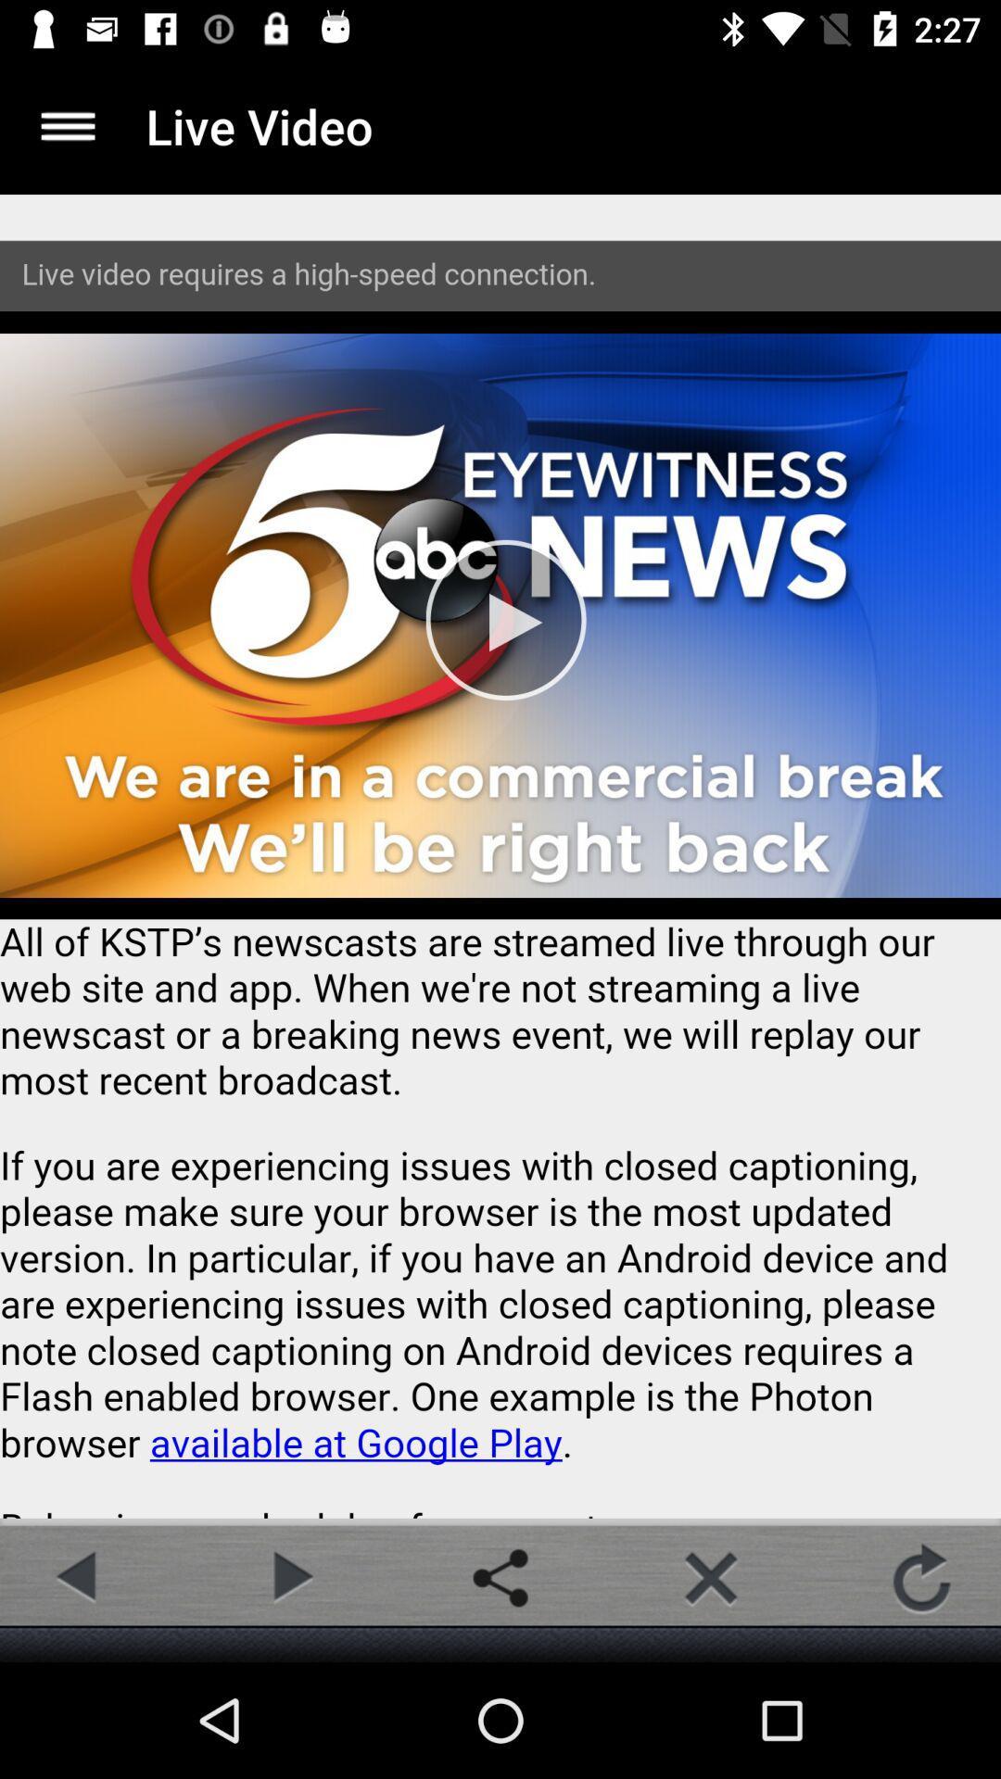 This screenshot has height=1779, width=1001. I want to click on customize, so click(67, 125).